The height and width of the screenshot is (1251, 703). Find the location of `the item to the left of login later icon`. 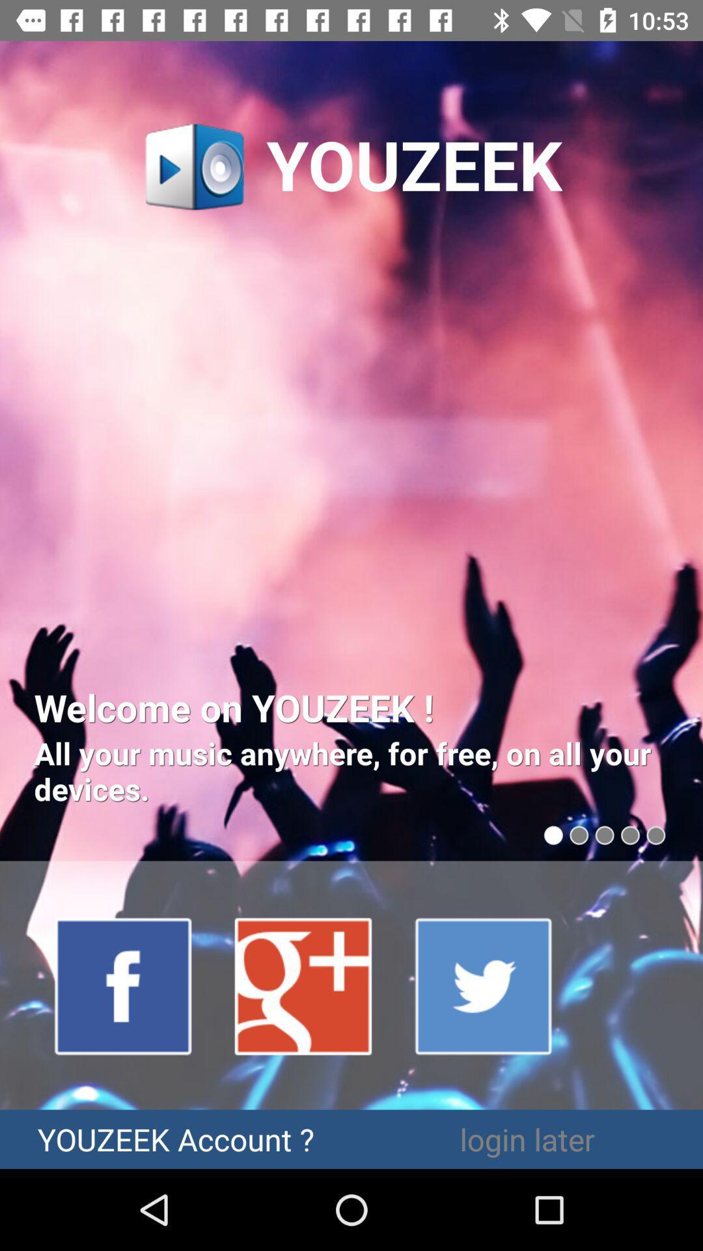

the item to the left of login later icon is located at coordinates (176, 1138).